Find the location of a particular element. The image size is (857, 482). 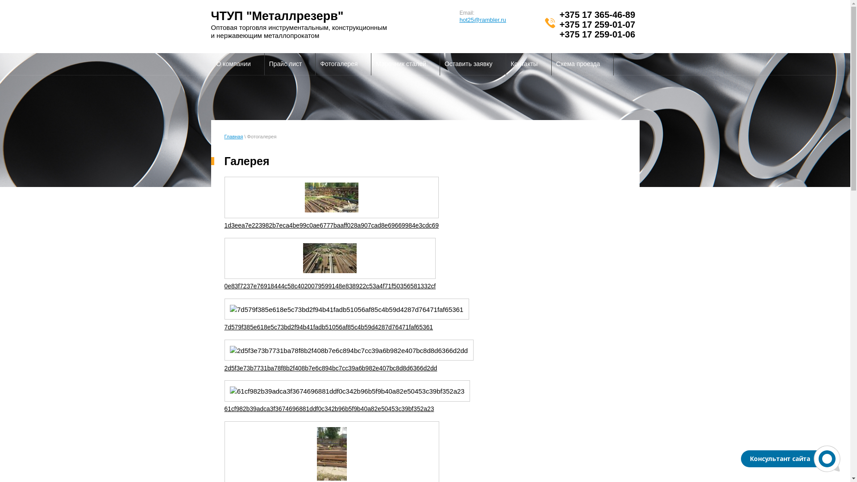

'+375 17 259-01-06' is located at coordinates (598, 34).